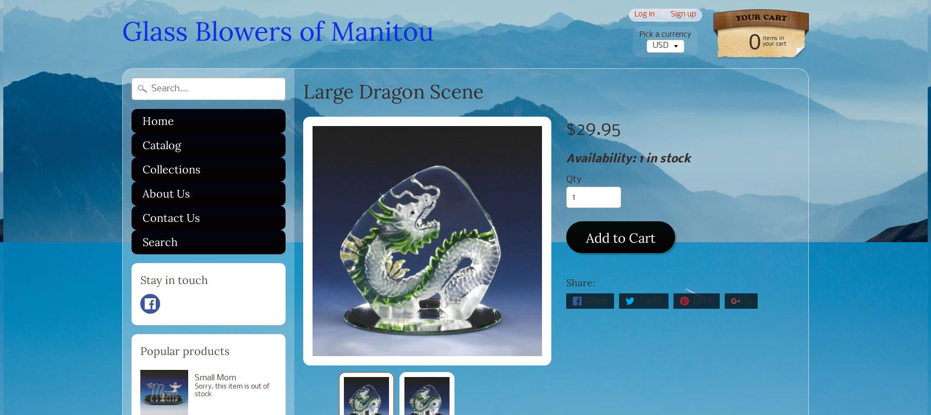  Describe the element at coordinates (754, 42) in the screenshot. I see `'0'` at that location.